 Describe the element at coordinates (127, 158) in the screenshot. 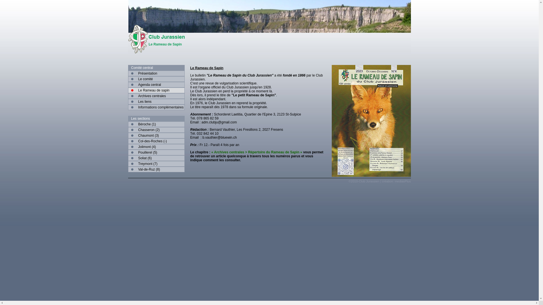

I see `'Soliat (6)'` at that location.